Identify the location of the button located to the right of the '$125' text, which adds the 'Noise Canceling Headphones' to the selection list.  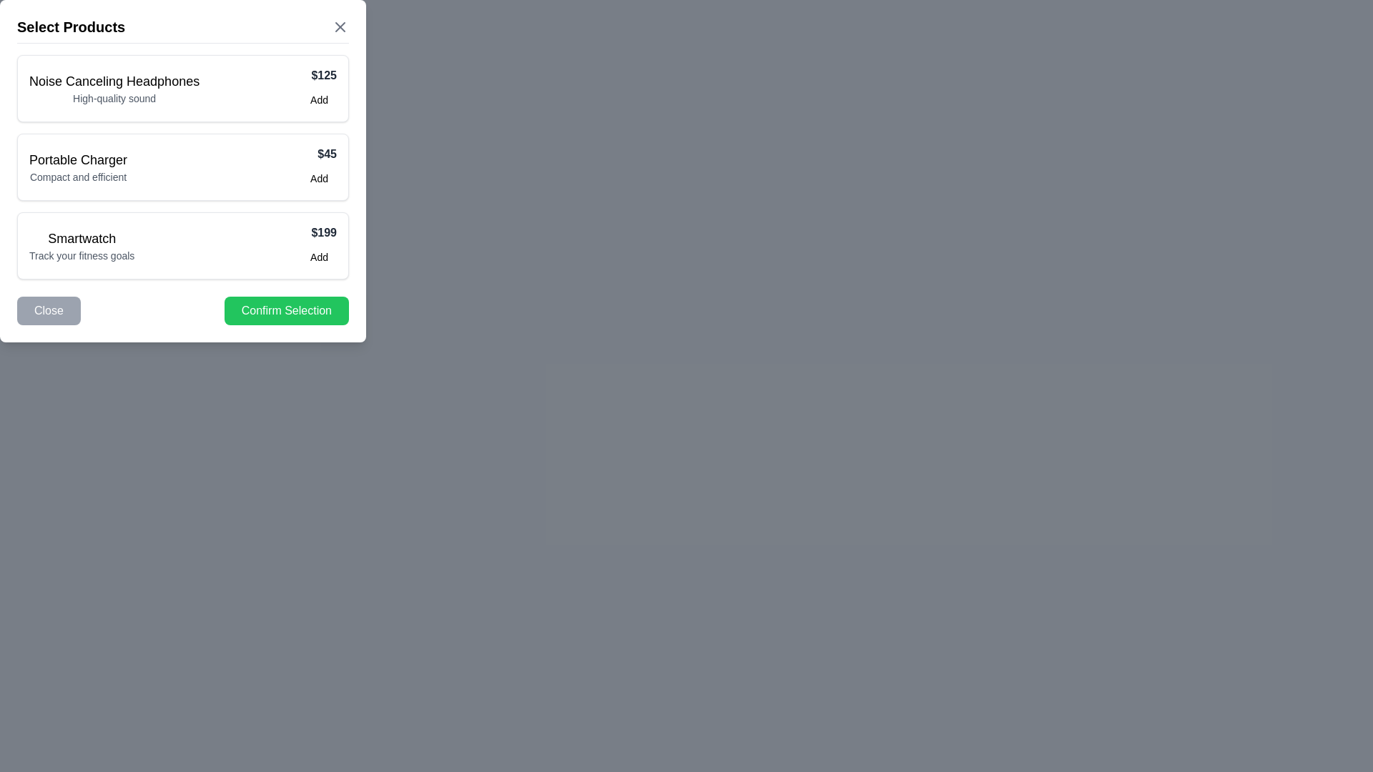
(318, 99).